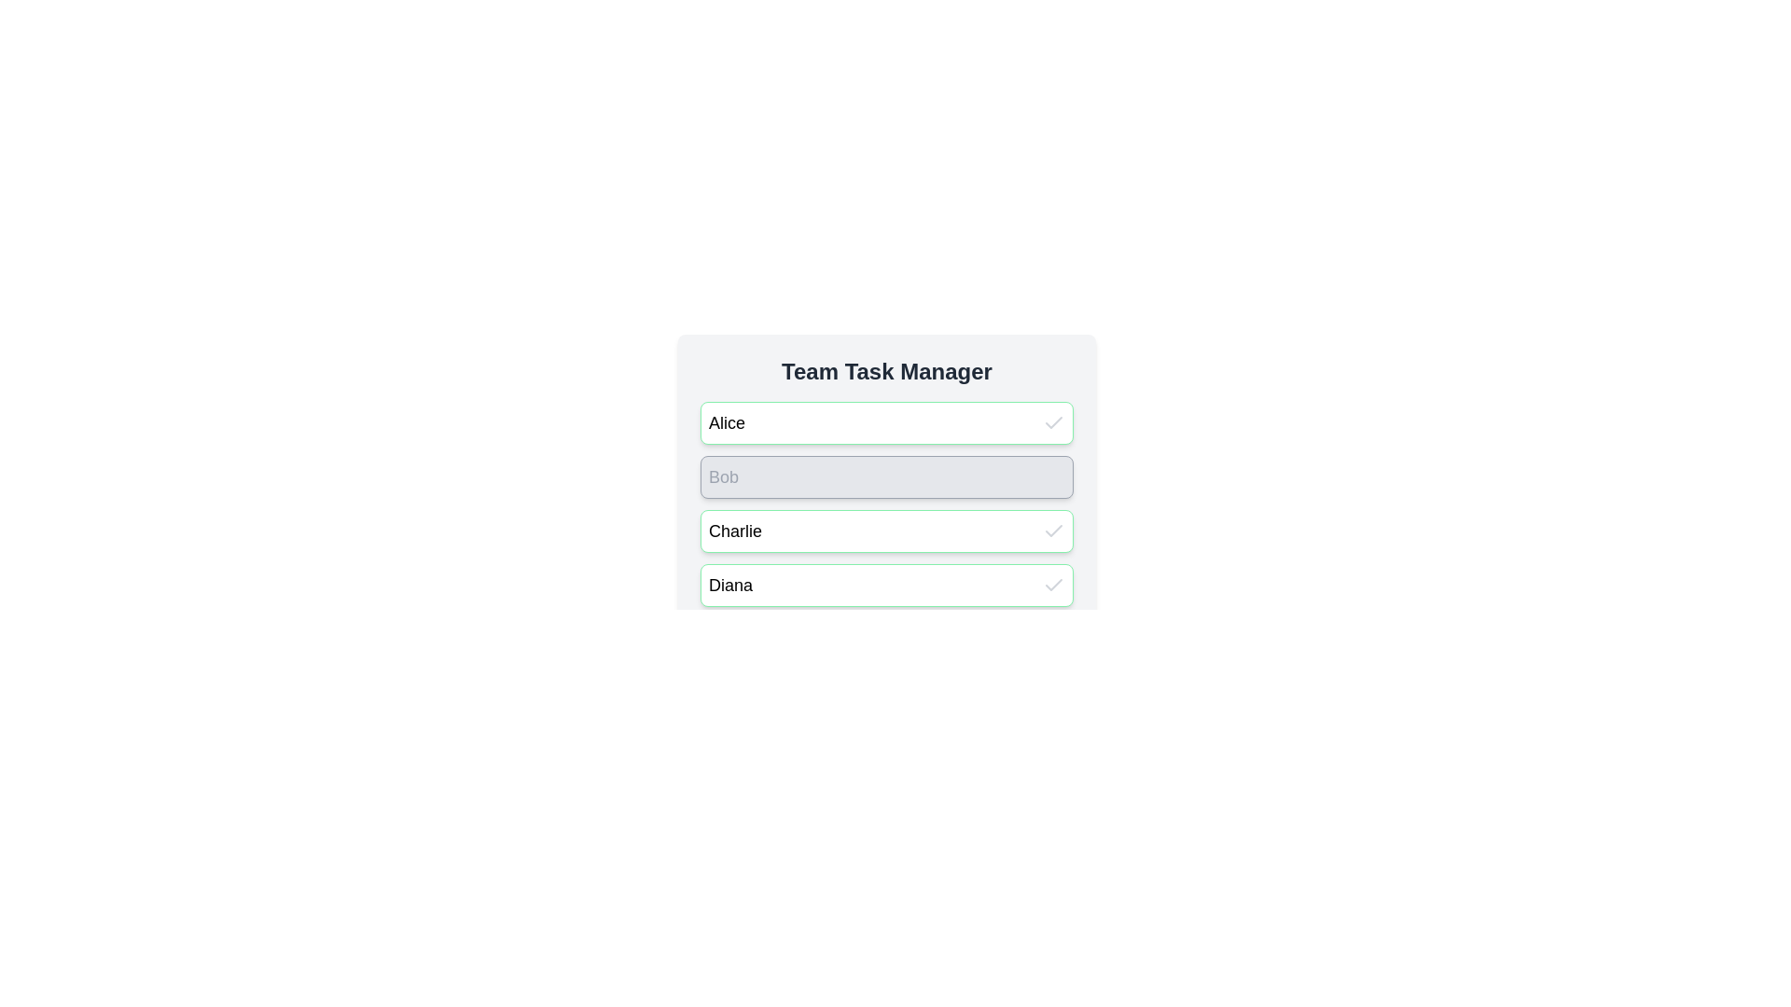  What do you see at coordinates (1053, 531) in the screenshot?
I see `the Check Icon located to the right of the 'Charlie' name field in the task entries list, which indicates acknowledgment or status confirmation` at bounding box center [1053, 531].